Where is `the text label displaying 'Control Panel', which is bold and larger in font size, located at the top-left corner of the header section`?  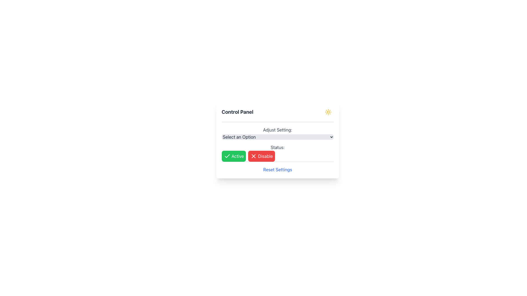 the text label displaying 'Control Panel', which is bold and larger in font size, located at the top-left corner of the header section is located at coordinates (237, 112).